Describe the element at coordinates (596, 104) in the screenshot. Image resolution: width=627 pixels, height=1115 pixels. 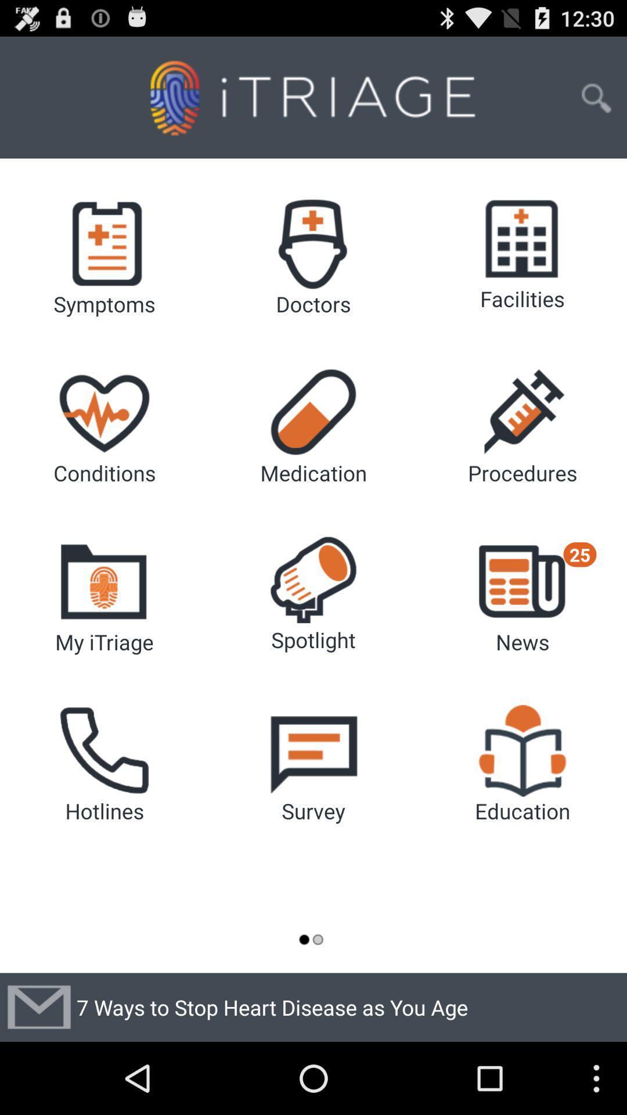
I see `the search icon` at that location.